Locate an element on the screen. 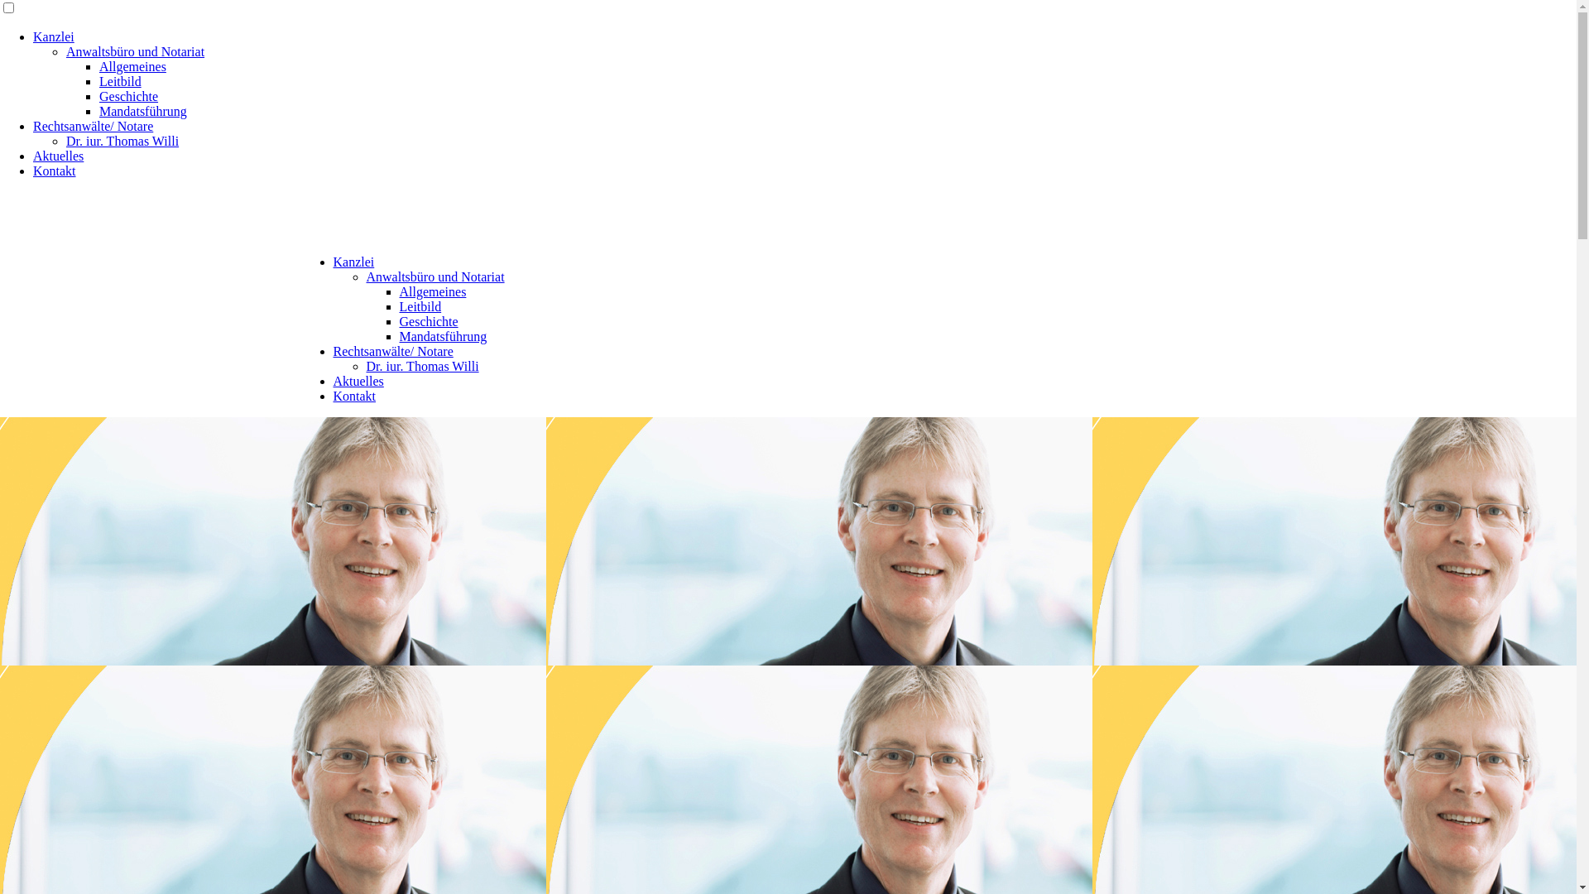 The image size is (1589, 894). 'Allgemeines' is located at coordinates (132, 65).